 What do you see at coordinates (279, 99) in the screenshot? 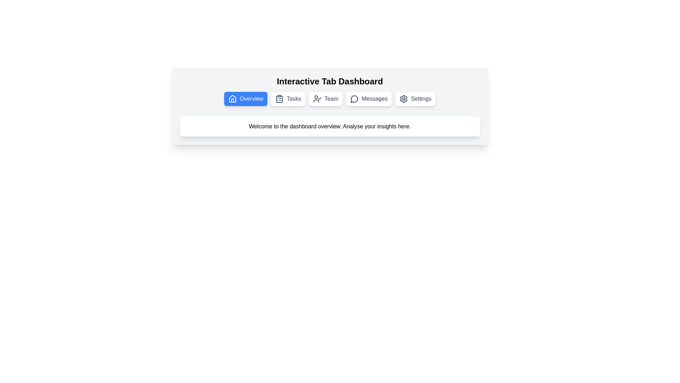
I see `the 'Tasks' icon located in the navigation section of the dashboard's top bar` at bounding box center [279, 99].